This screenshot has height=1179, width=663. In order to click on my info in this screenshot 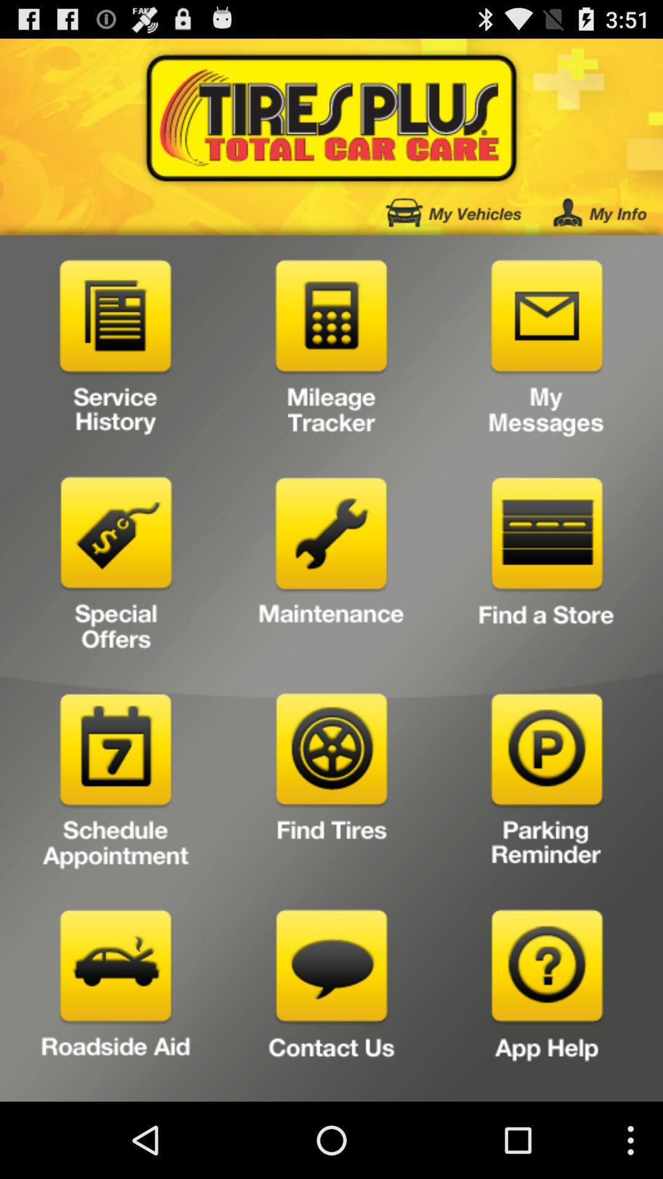, I will do `click(599, 212)`.